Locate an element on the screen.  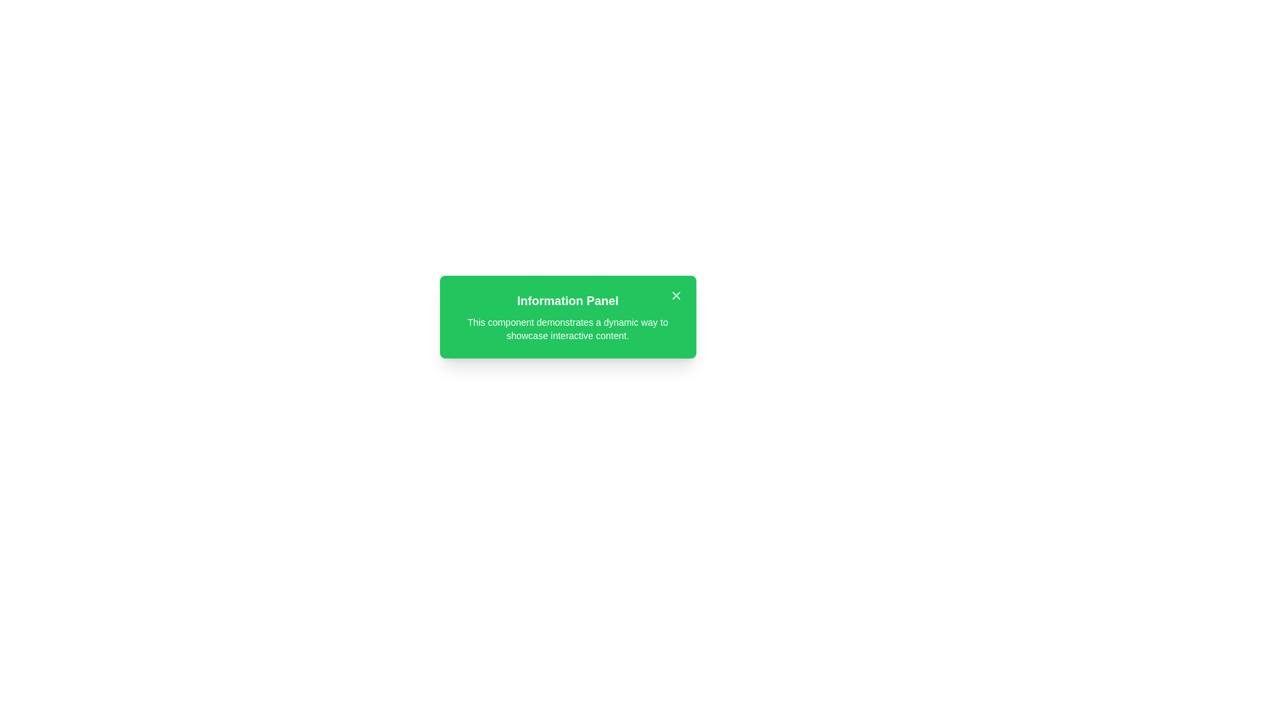
the static text located in the green, rounded-corner 'Information Panel' that provides descriptive information to the user is located at coordinates (568, 329).